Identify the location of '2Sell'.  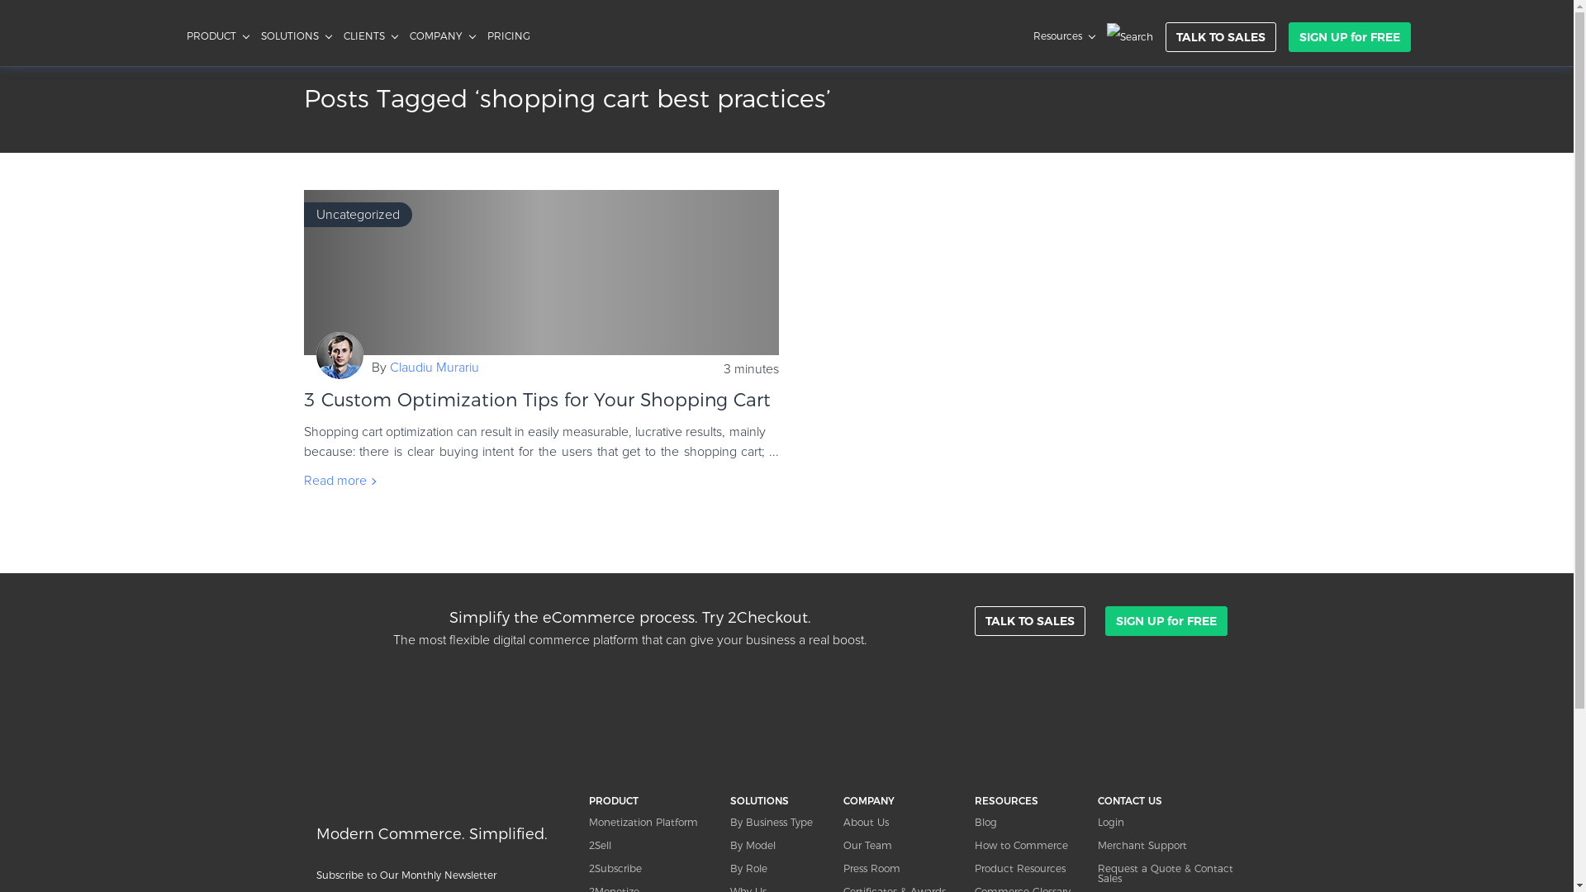
(649, 845).